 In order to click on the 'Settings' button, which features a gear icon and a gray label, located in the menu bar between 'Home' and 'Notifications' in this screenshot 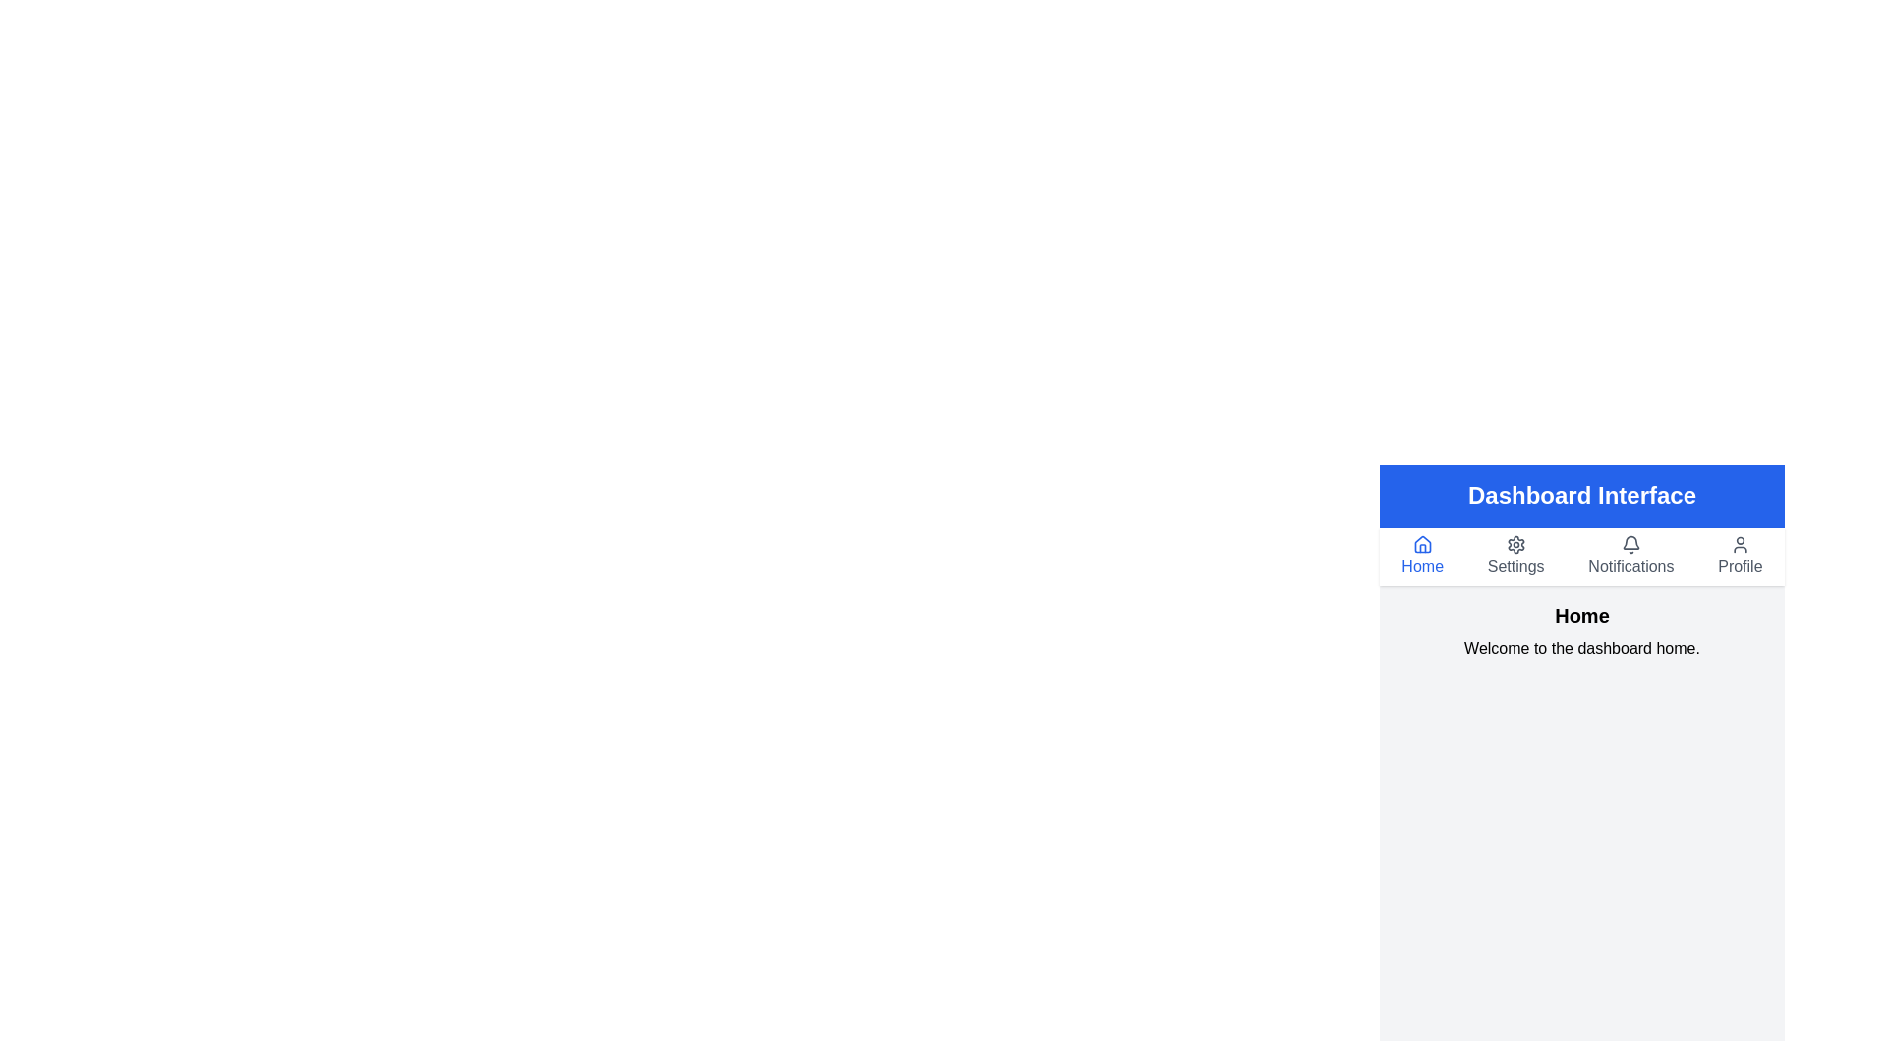, I will do `click(1515, 557)`.